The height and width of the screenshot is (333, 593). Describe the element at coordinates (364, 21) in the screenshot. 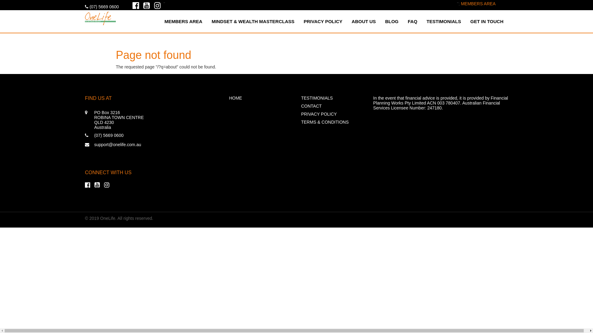

I see `'ABOUT US'` at that location.